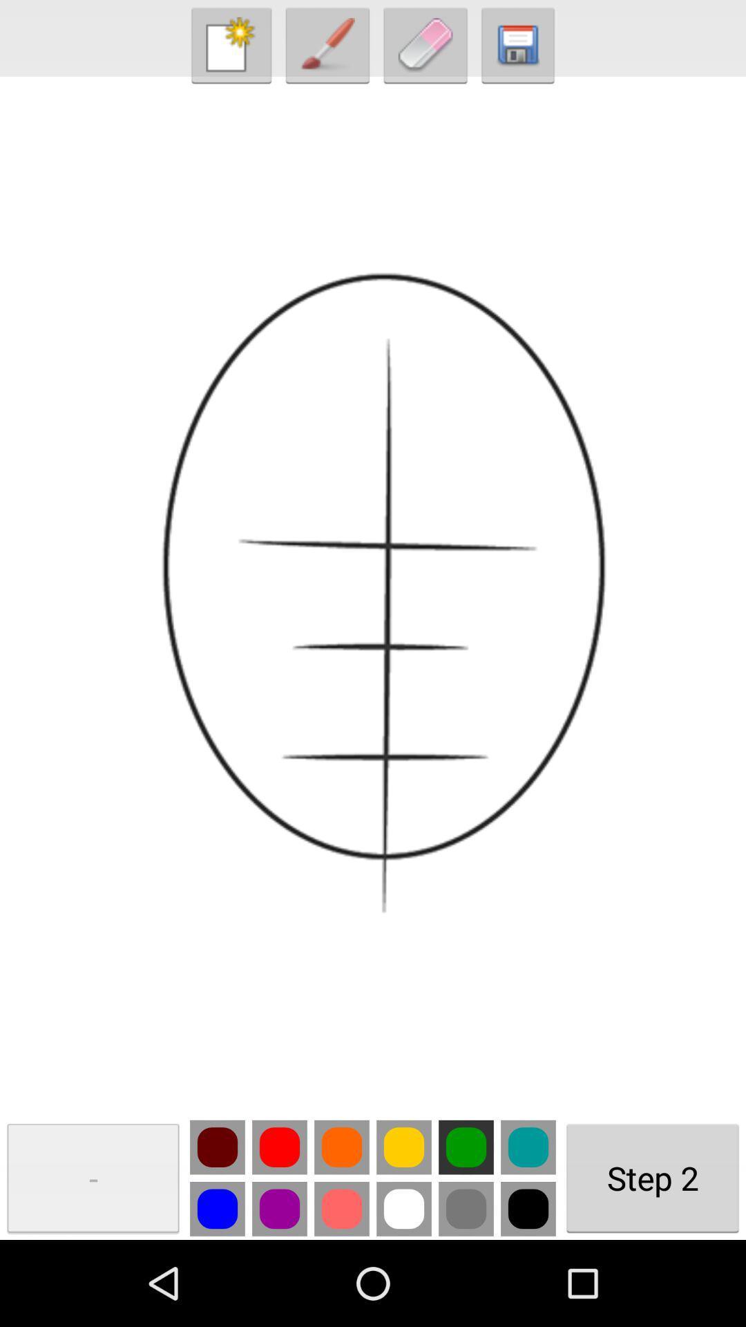 Image resolution: width=746 pixels, height=1327 pixels. What do you see at coordinates (425, 48) in the screenshot?
I see `the edit icon` at bounding box center [425, 48].